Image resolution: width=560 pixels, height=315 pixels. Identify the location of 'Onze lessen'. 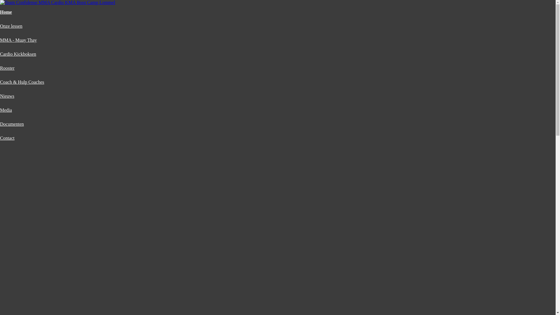
(11, 26).